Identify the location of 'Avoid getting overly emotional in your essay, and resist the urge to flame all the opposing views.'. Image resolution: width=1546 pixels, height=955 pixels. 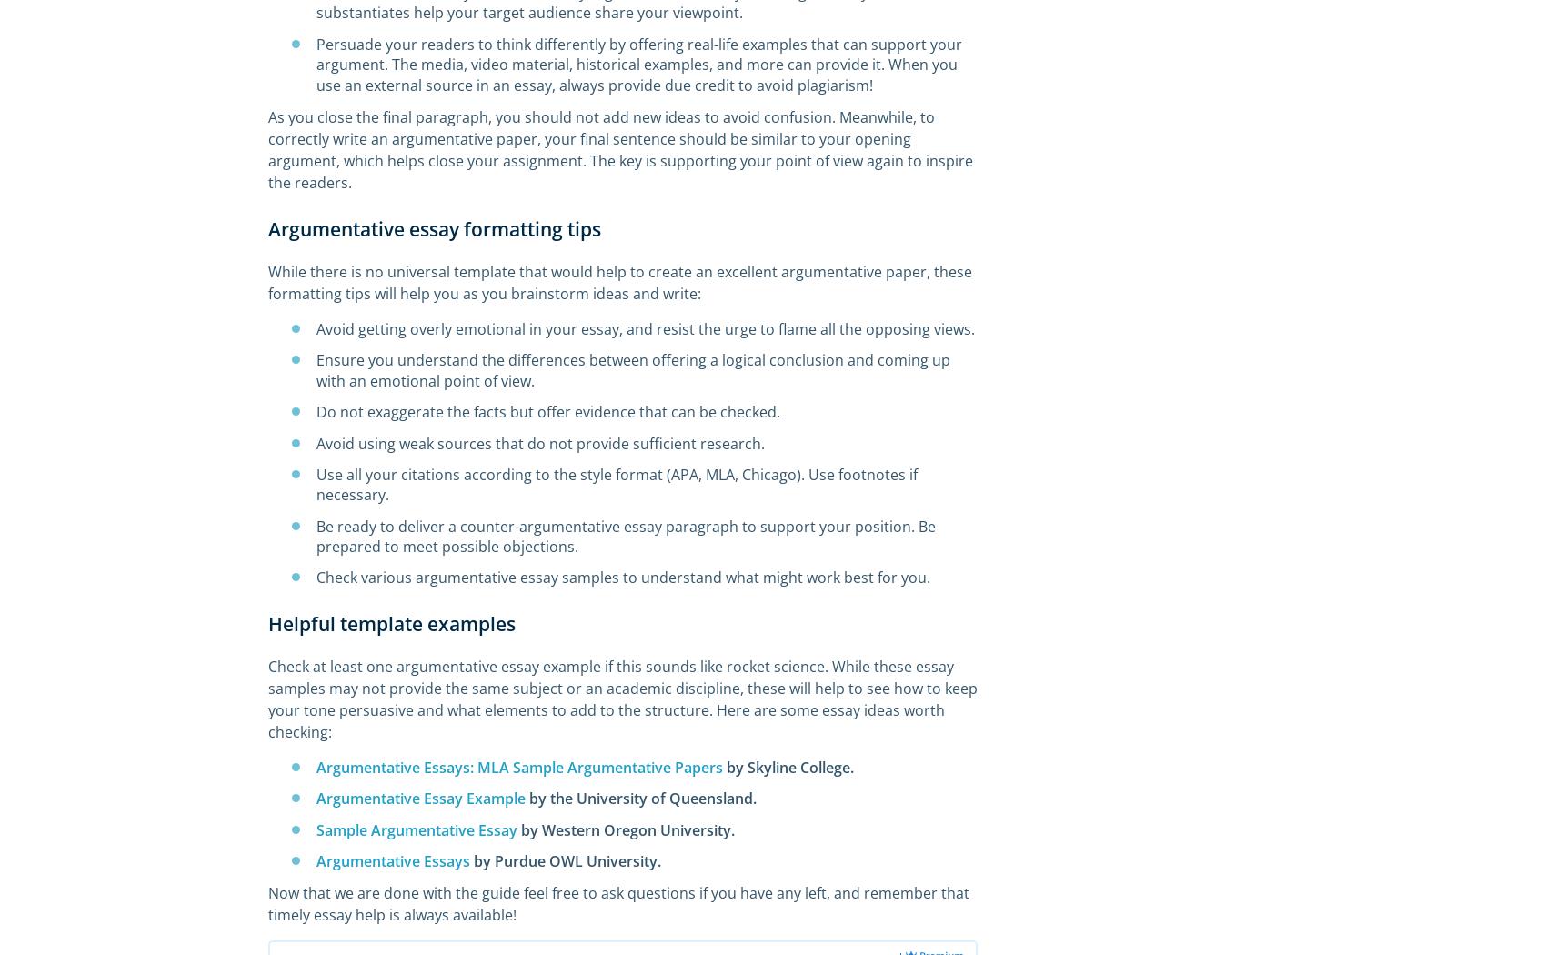
(645, 327).